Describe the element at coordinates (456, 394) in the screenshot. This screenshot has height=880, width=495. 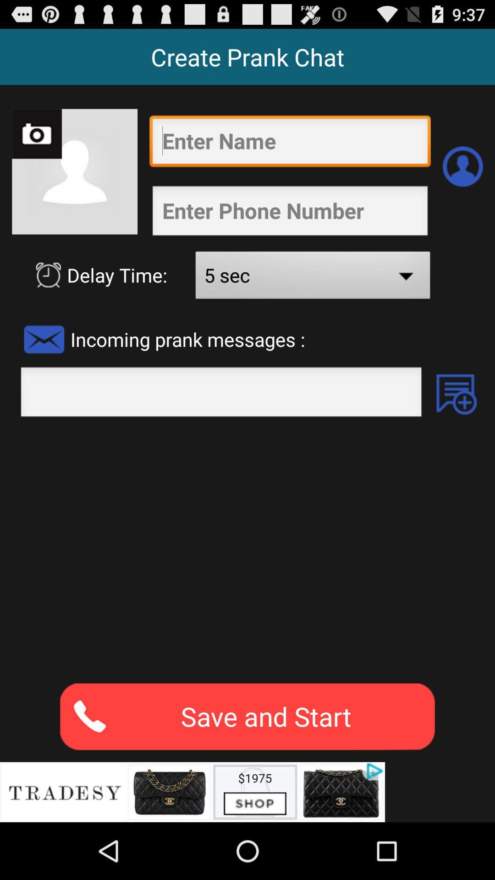
I see `more file` at that location.